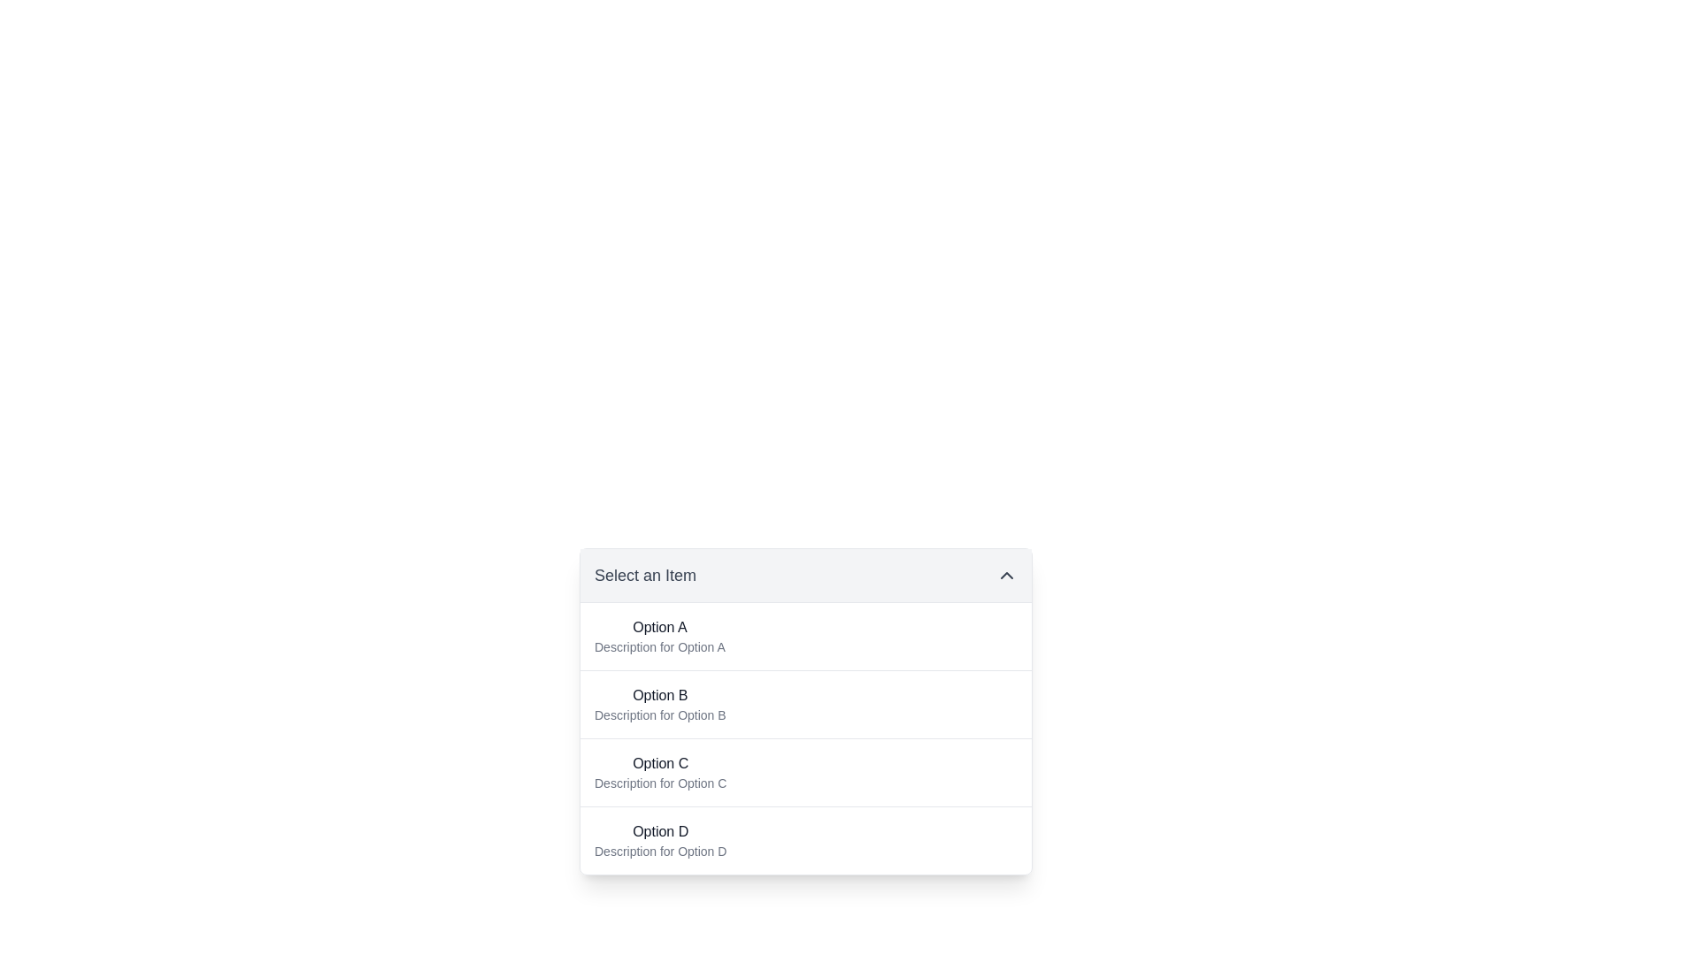 The height and width of the screenshot is (955, 1699). Describe the element at coordinates (659, 714) in the screenshot. I see `the static text providing additional detail for 'Option B' located within the dropdown list` at that location.